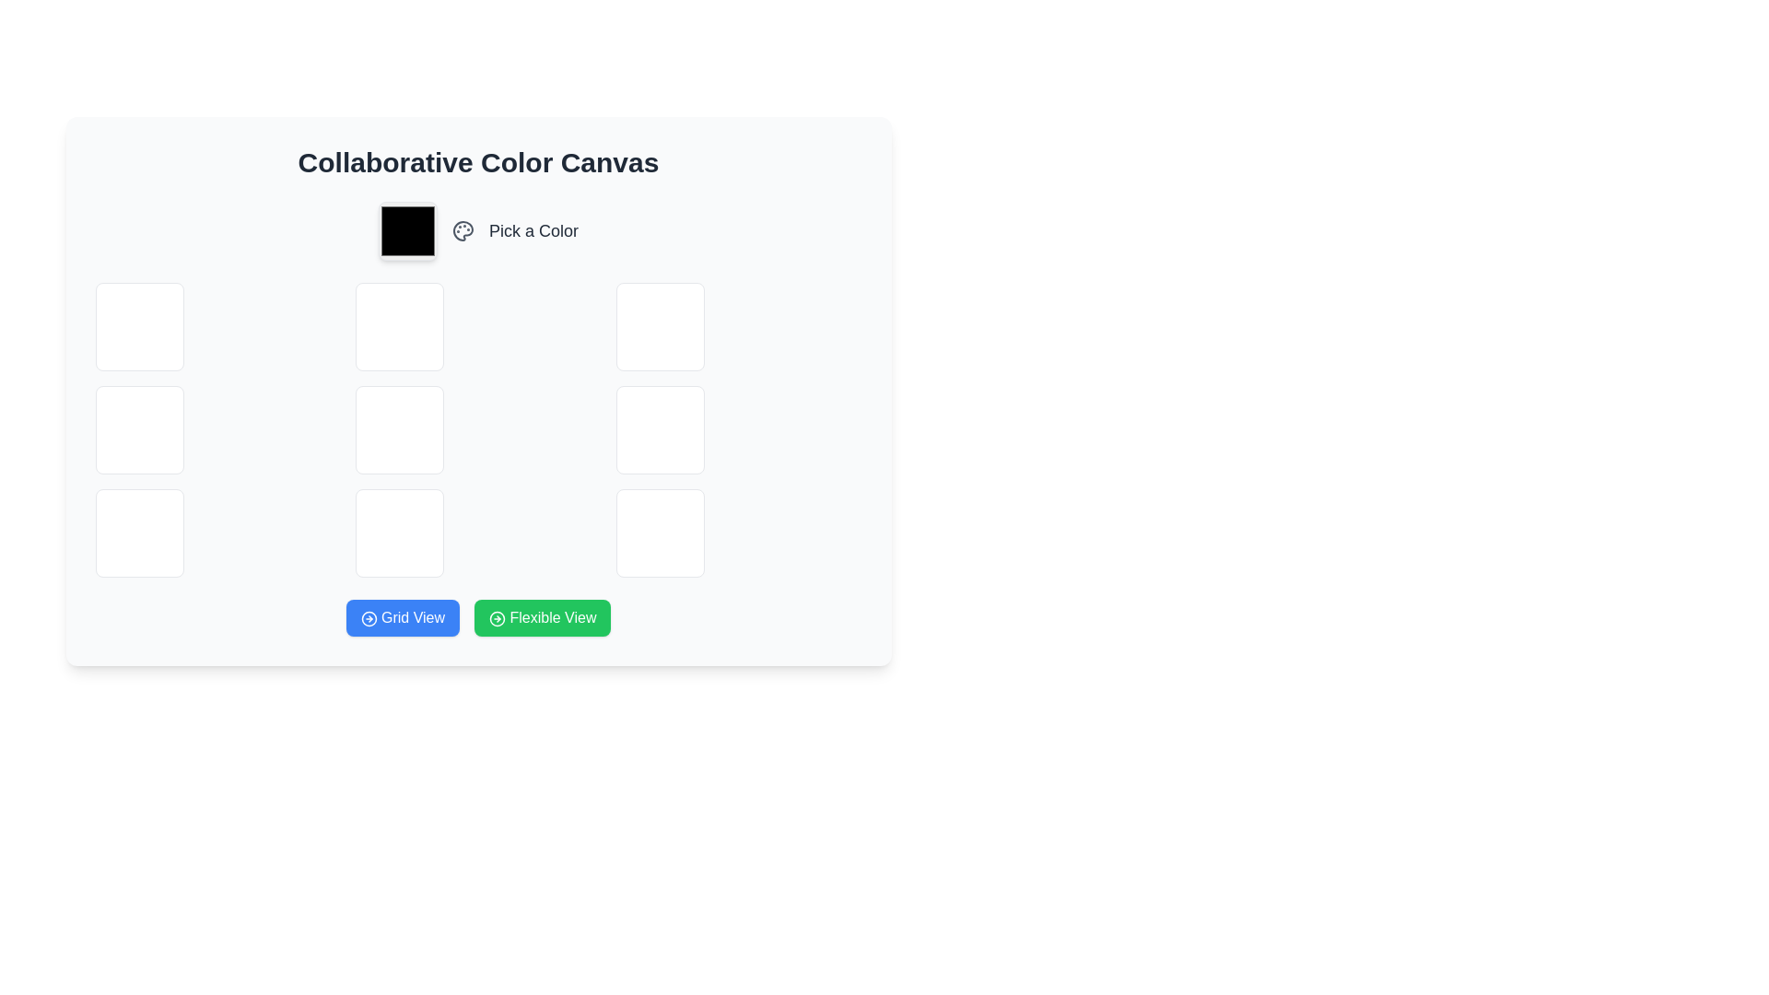  Describe the element at coordinates (399, 325) in the screenshot. I see `the middle square grid item in the first row of a 3x3 grid layout` at that location.